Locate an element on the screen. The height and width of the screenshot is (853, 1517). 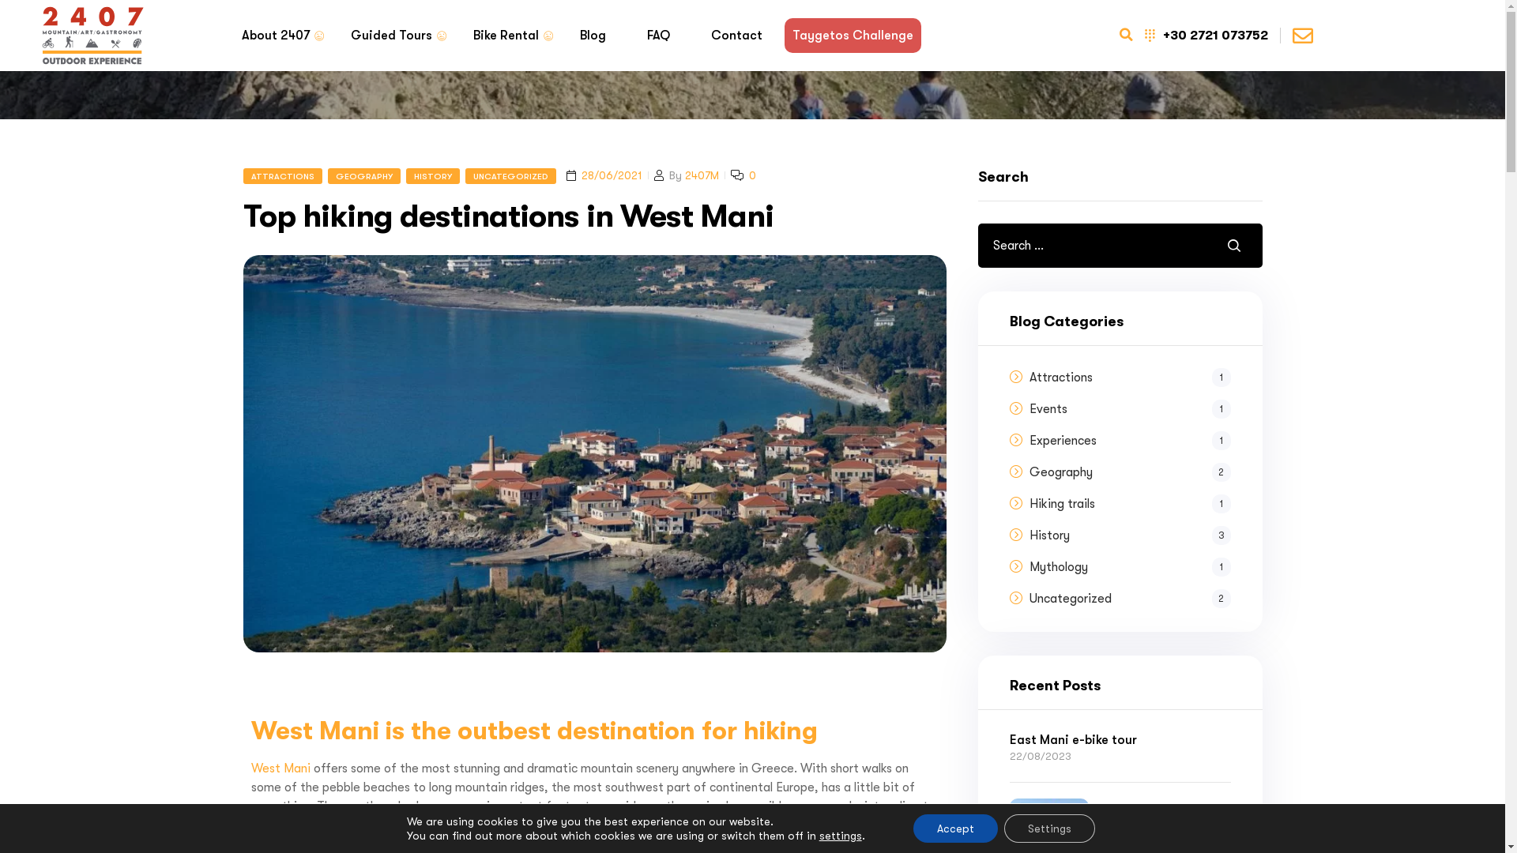
'HISTORY' is located at coordinates (432, 176).